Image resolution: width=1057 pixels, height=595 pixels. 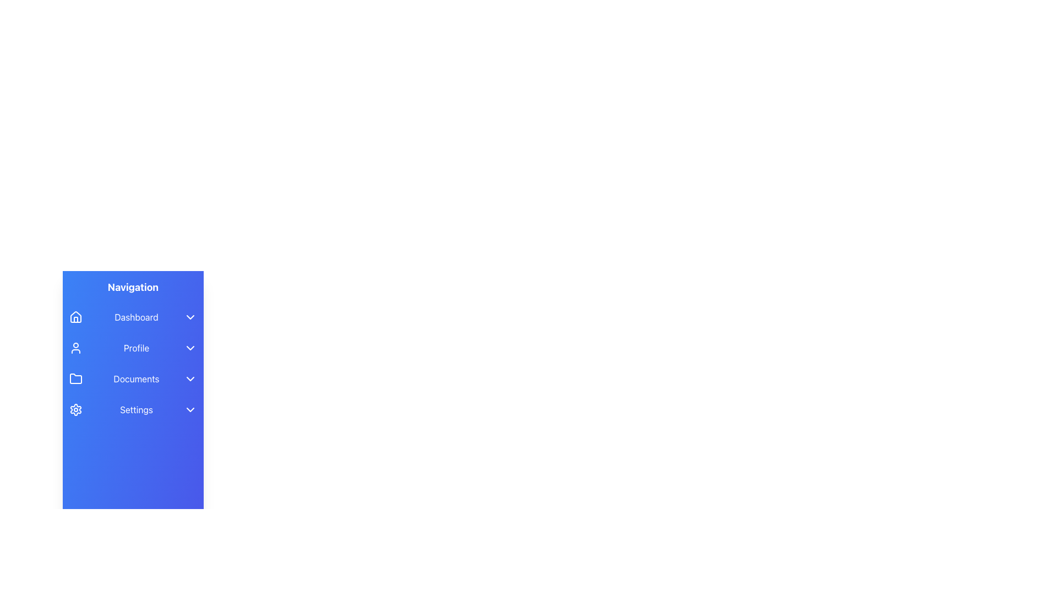 I want to click on the 'Documents' menu item, which is the third item in the vertical navigation bar, featuring a folder icon on the left and a downward-pointing chevron on the right, so click(x=132, y=378).